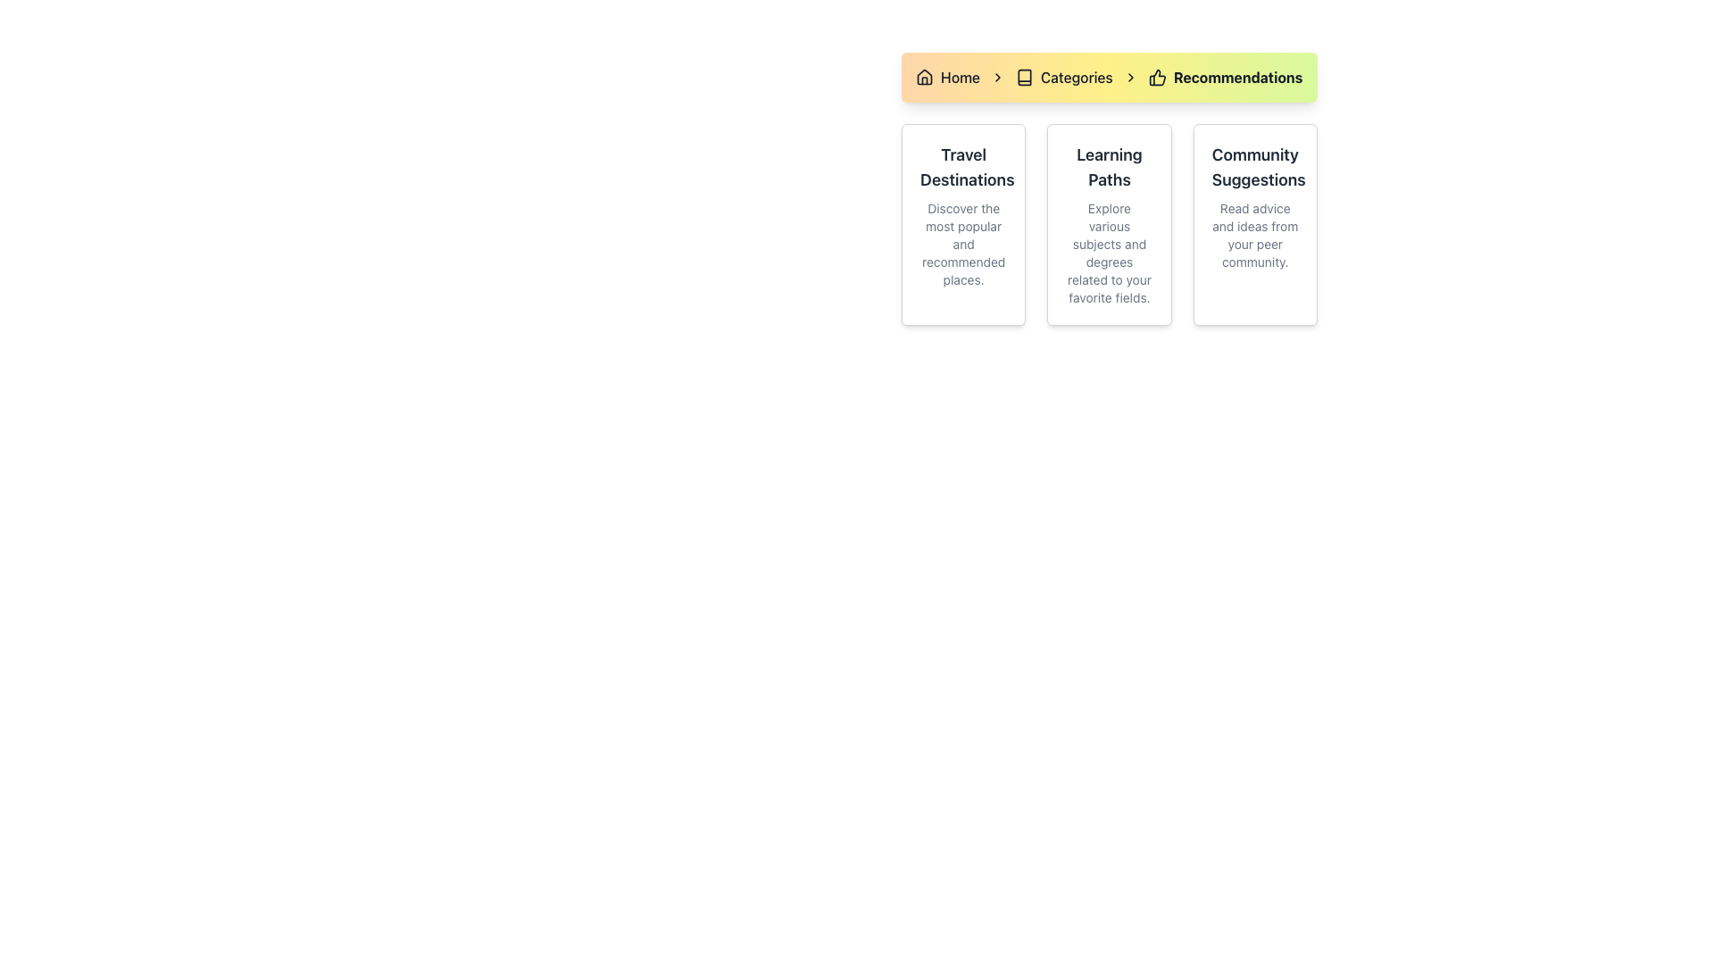 The image size is (1714, 964). Describe the element at coordinates (959, 77) in the screenshot. I see `the 'Home' text label in the breadcrumb navigation bar` at that location.